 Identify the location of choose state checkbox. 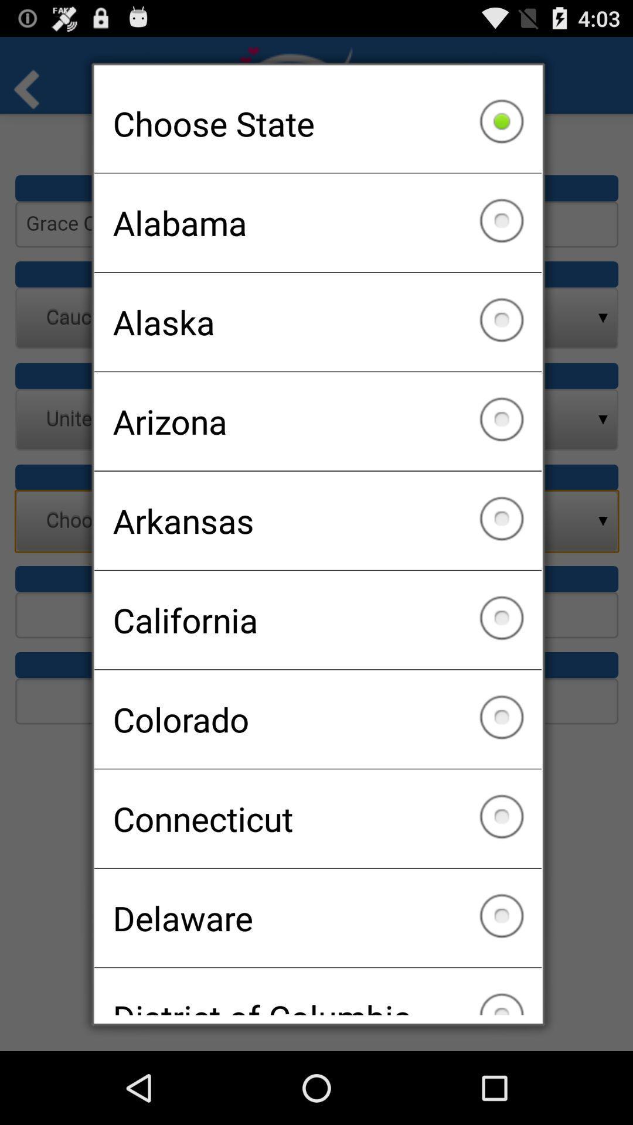
(318, 123).